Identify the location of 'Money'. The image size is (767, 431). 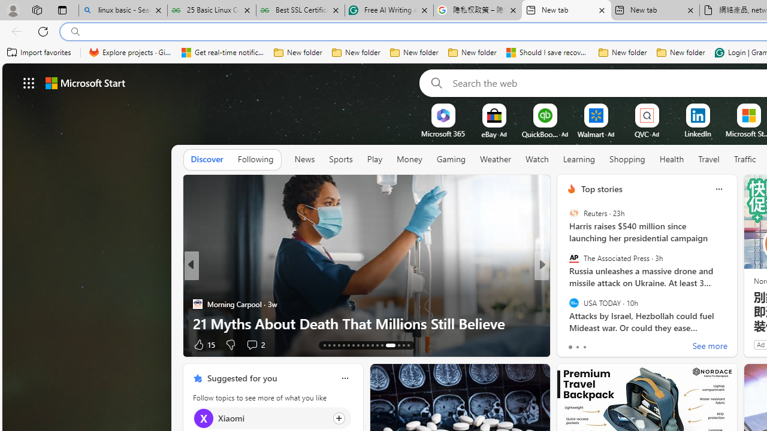
(409, 159).